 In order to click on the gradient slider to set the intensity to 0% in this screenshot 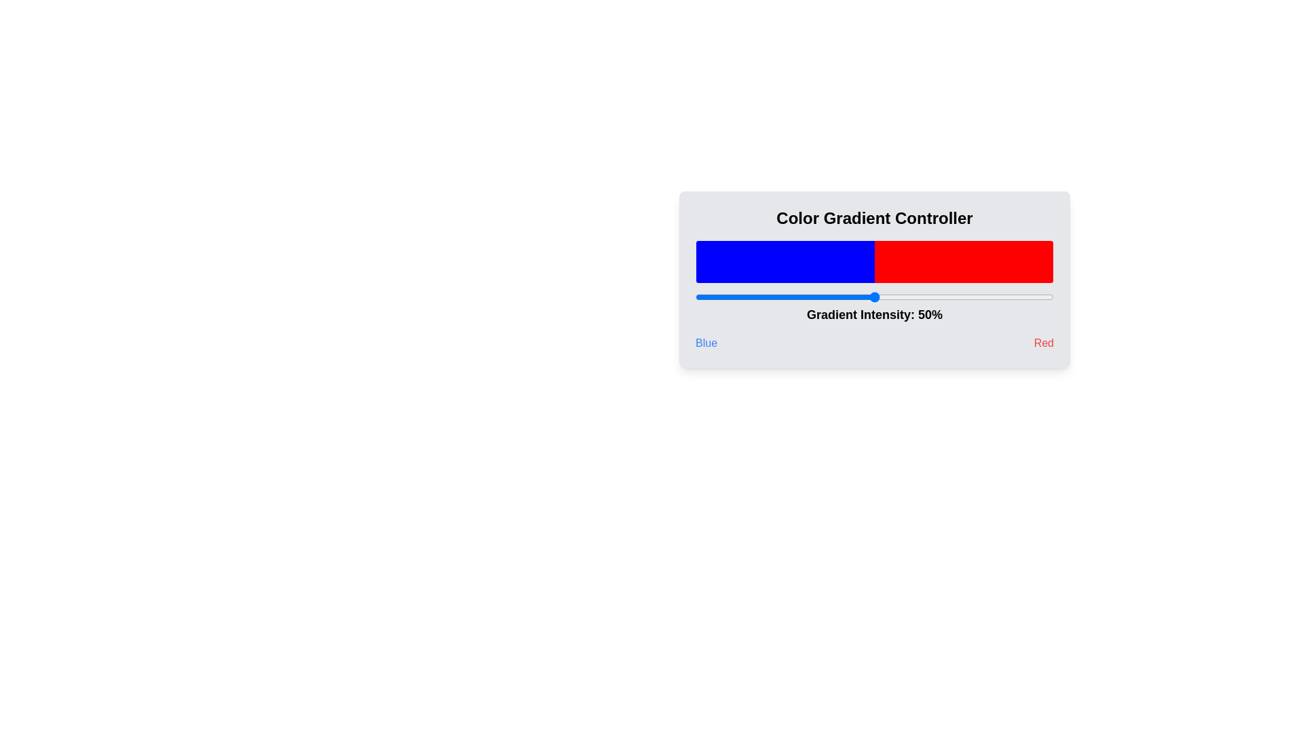, I will do `click(696, 297)`.